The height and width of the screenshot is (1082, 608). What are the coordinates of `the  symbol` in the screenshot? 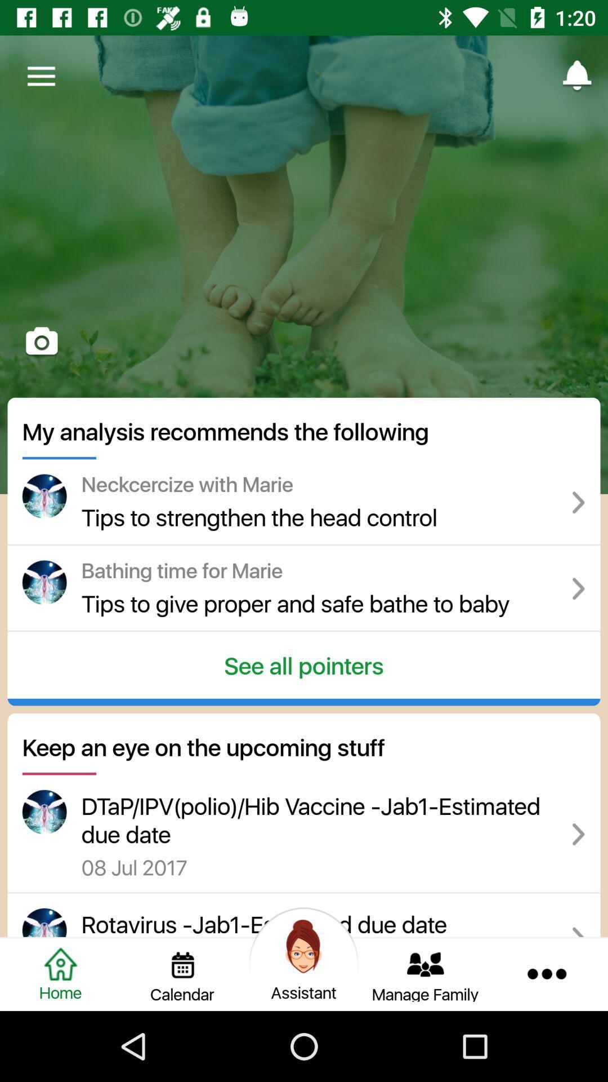 It's located at (579, 502).